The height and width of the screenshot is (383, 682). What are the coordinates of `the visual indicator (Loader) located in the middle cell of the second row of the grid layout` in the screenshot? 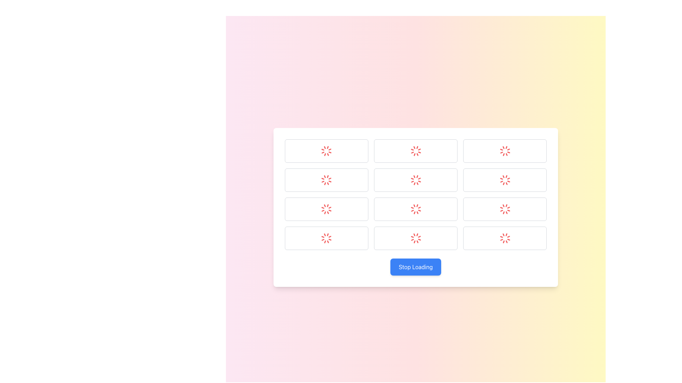 It's located at (416, 180).